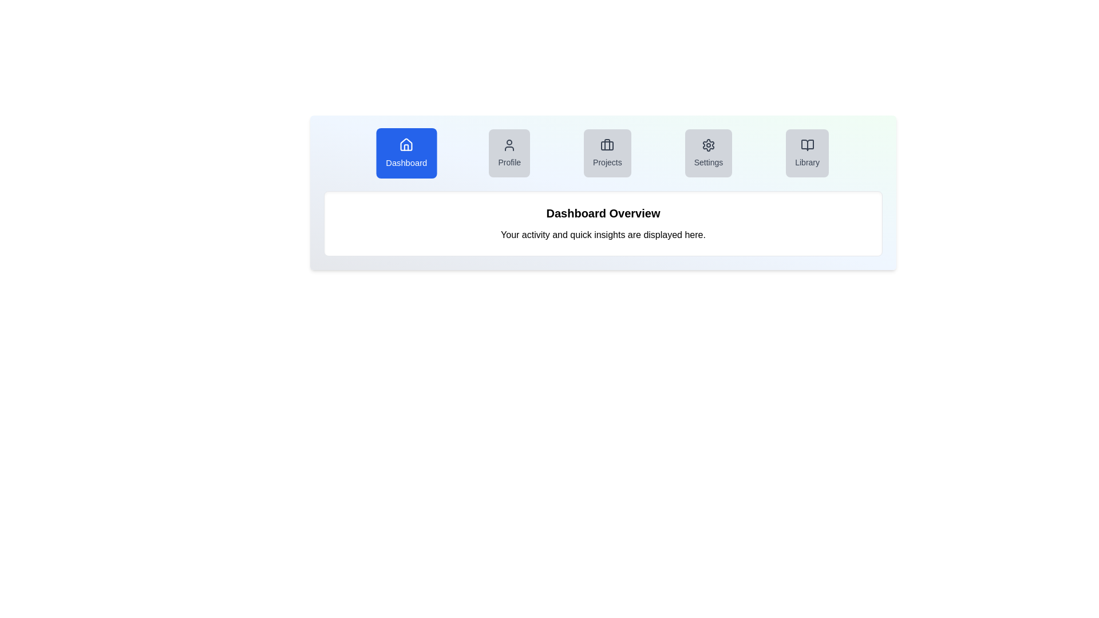 The image size is (1099, 618). What do you see at coordinates (406, 163) in the screenshot?
I see `the Static text element labeled 'Dashboard' which is located below the house icon in the navigation grid` at bounding box center [406, 163].